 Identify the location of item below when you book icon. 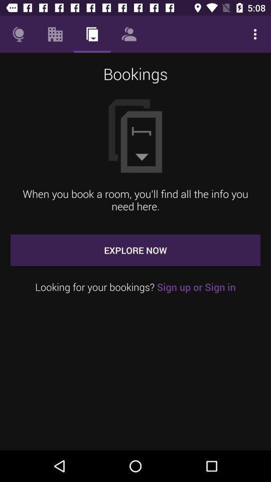
(135, 250).